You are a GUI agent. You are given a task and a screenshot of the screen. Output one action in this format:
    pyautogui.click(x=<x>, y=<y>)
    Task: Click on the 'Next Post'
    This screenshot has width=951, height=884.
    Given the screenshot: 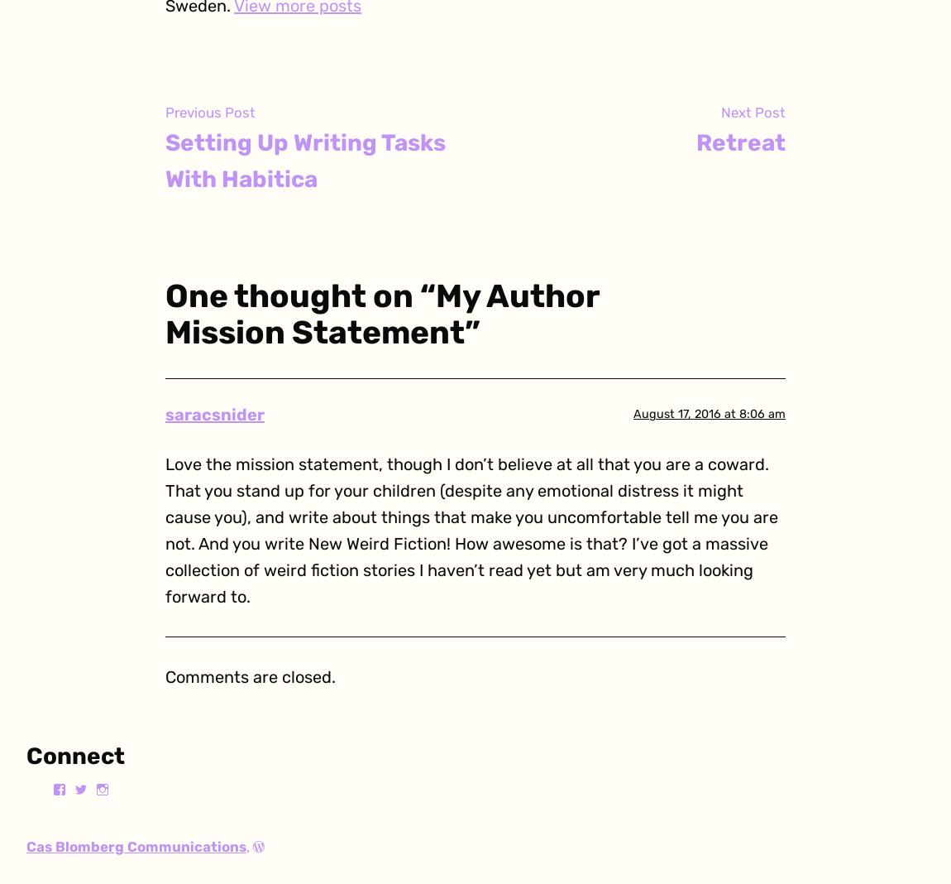 What is the action you would take?
    pyautogui.click(x=753, y=111)
    